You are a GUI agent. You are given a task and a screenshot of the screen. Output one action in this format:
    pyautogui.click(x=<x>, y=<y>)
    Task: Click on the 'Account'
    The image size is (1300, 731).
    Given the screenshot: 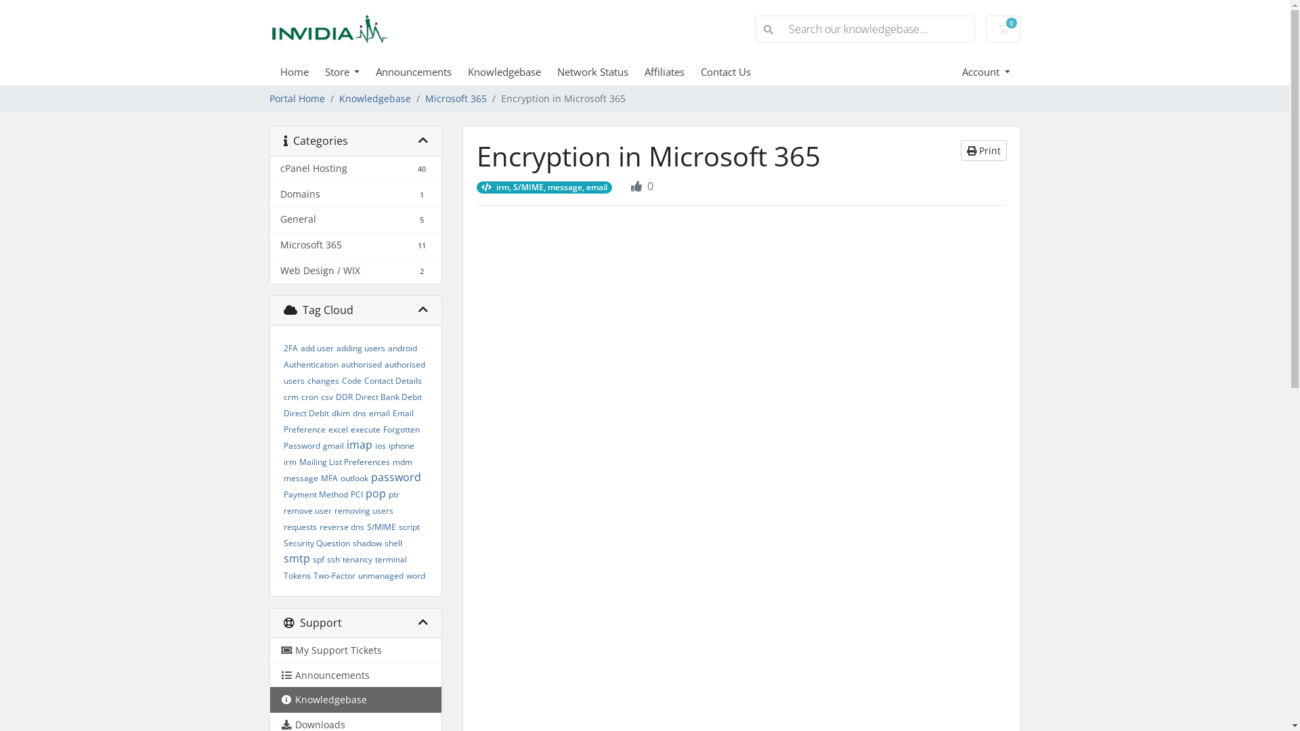 What is the action you would take?
    pyautogui.click(x=961, y=71)
    